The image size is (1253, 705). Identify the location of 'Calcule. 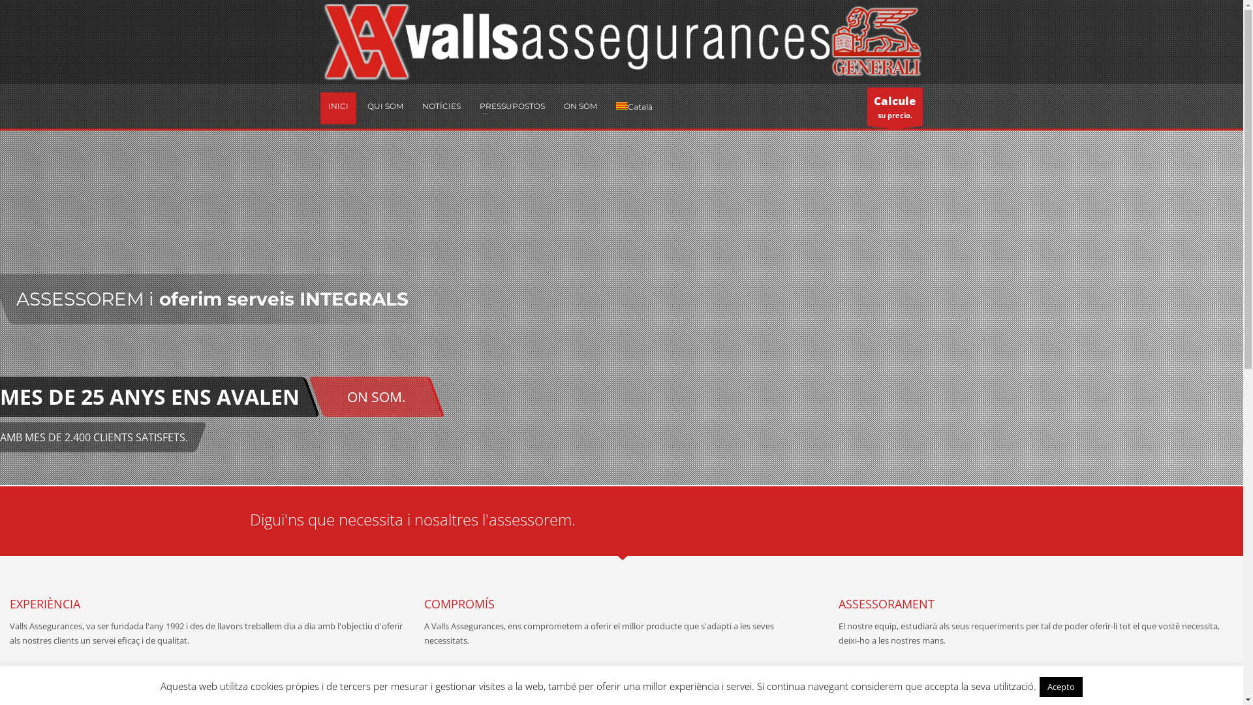
(867, 106).